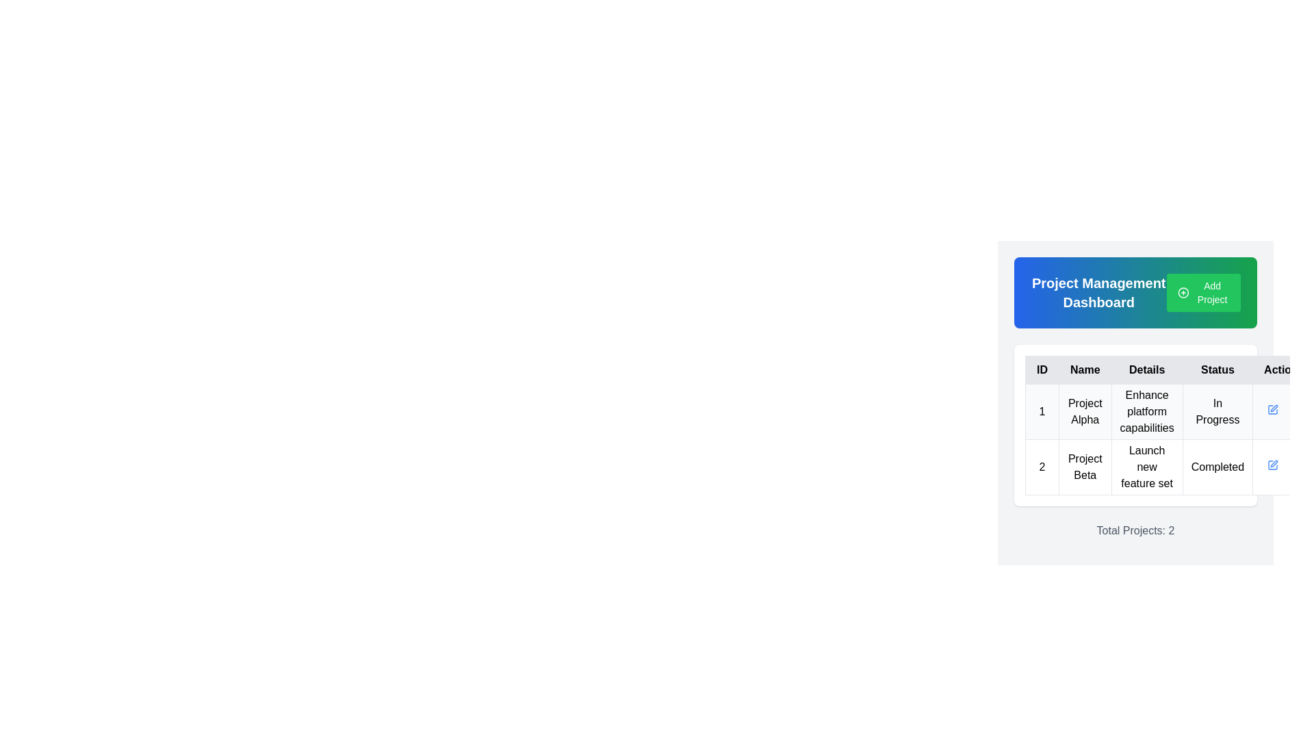 The image size is (1314, 739). I want to click on the 'Completed' text label in the 'Status' column of the second row under the 'Project Management Dashboard' heading, which is located in the last column for 'Project Beta', so click(1218, 466).